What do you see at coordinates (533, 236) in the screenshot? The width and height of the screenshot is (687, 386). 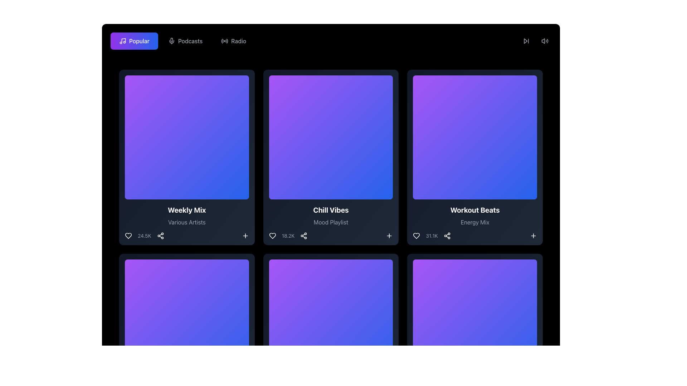 I see `the plus sign icon button located in the bottom-right corner of the 'Workout Beats' card, next to the '31.1K' text` at bounding box center [533, 236].